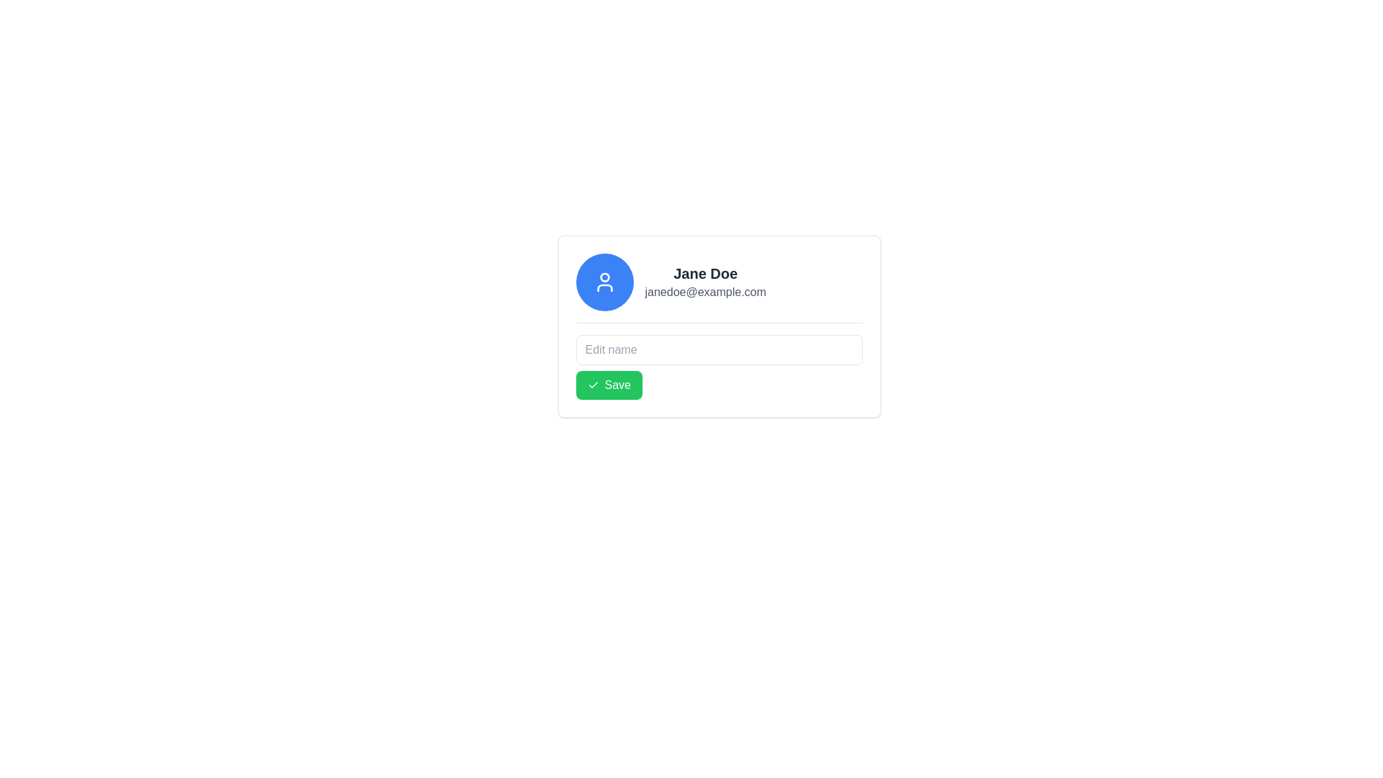 The height and width of the screenshot is (778, 1383). Describe the element at coordinates (604, 282) in the screenshot. I see `the Circular Avatar Component located in the top-left corner of the user information card next to 'Jane Doe' and 'janedoe@example.com'` at that location.